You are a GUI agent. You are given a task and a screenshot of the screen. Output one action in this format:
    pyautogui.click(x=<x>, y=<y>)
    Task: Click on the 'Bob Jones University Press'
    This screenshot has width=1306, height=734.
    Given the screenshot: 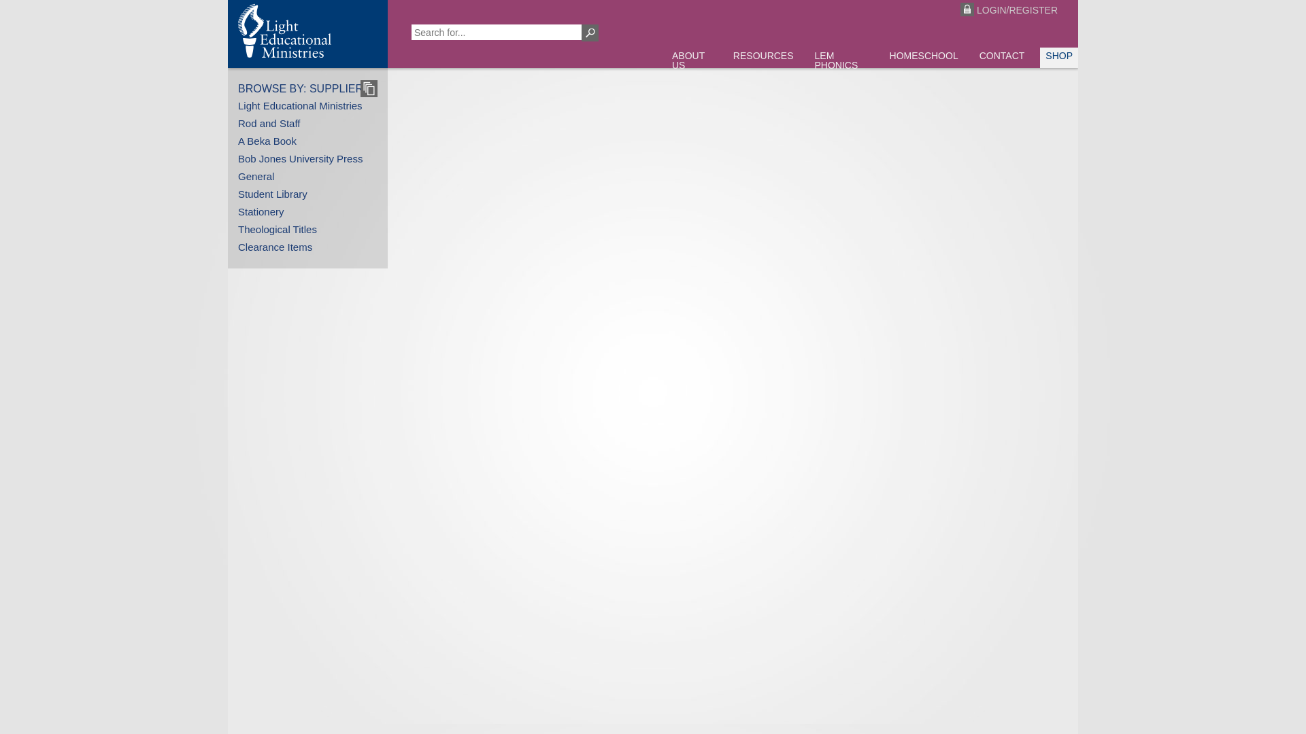 What is the action you would take?
    pyautogui.click(x=299, y=158)
    